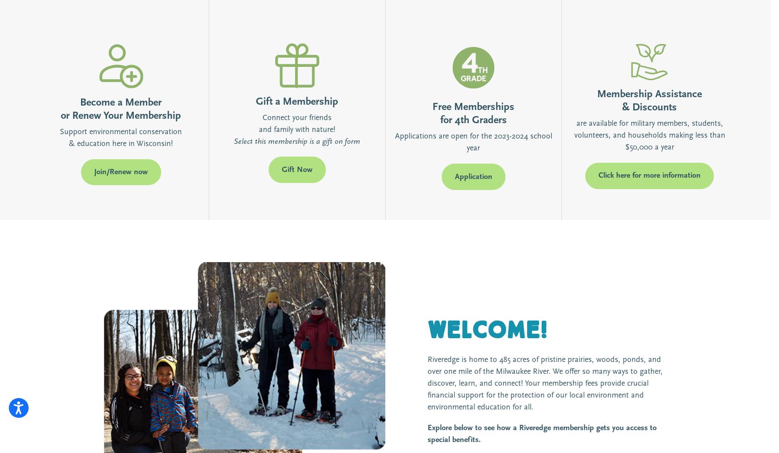 Image resolution: width=779 pixels, height=453 pixels. I want to click on 'Select this membership is a gift on form', so click(233, 141).